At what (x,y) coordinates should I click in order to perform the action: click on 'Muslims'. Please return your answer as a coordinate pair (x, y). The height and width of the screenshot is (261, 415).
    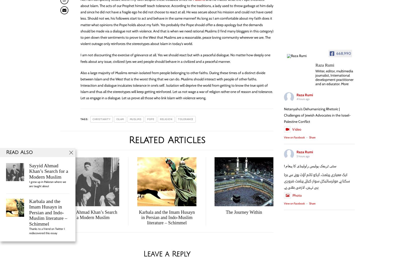
    Looking at the image, I should click on (135, 119).